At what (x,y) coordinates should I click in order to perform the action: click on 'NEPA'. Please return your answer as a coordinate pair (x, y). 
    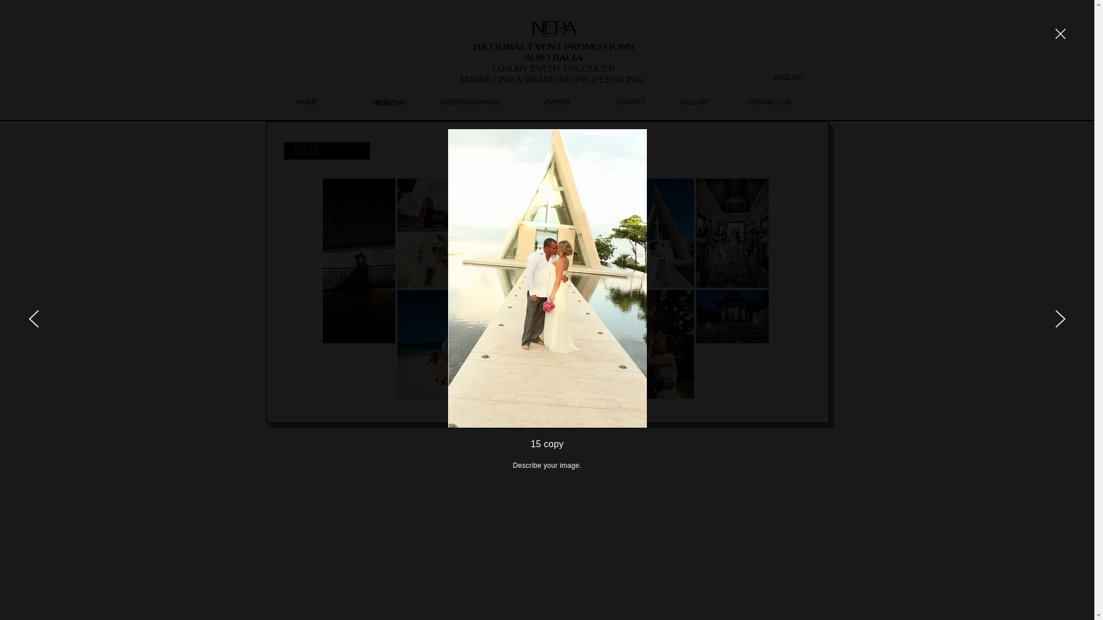
    Looking at the image, I should click on (531, 26).